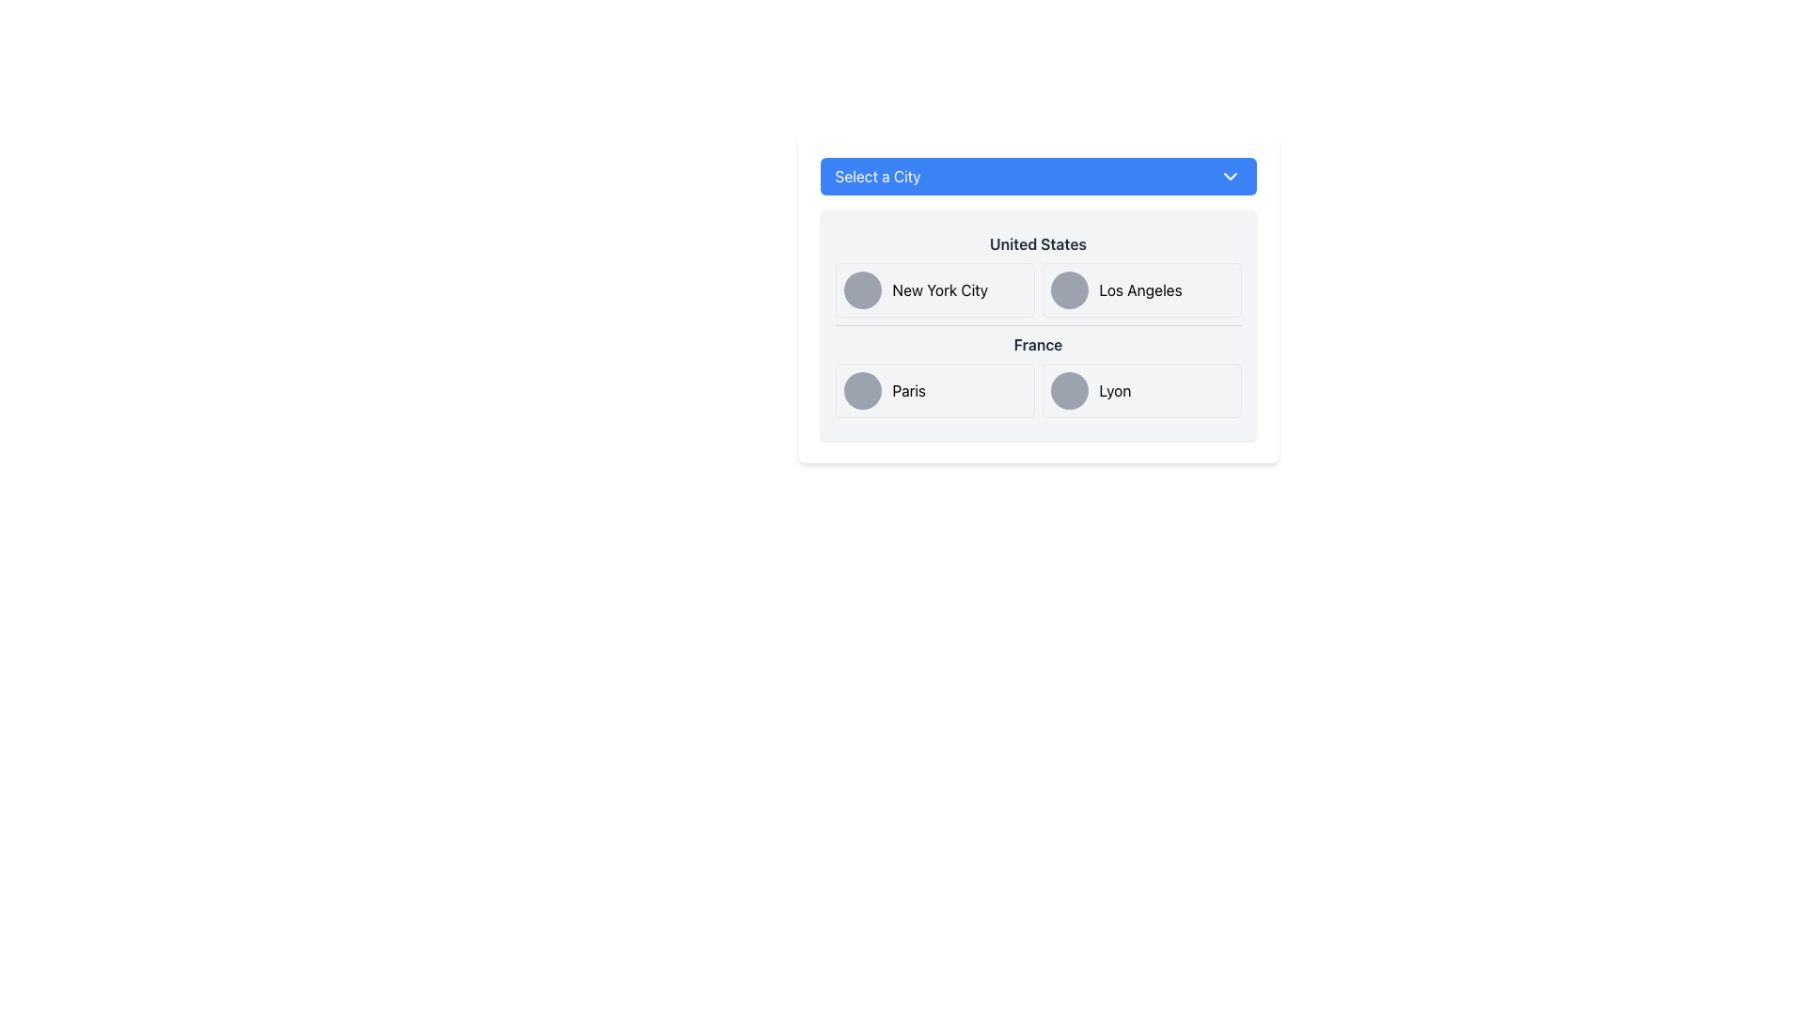 Image resolution: width=1805 pixels, height=1015 pixels. I want to click on the static text label displaying 'France' in a bold serif font, located below the 'United States' section in a vertical list of geographical labels, so click(1037, 344).